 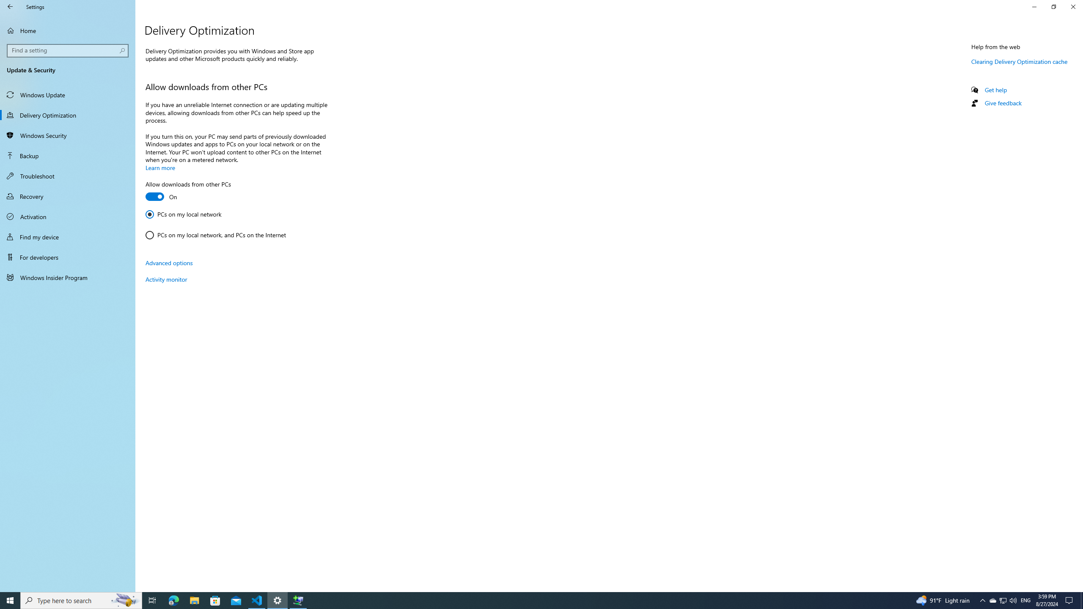 I want to click on 'Extensible Wizards Host Process - 1 running window', so click(x=298, y=600).